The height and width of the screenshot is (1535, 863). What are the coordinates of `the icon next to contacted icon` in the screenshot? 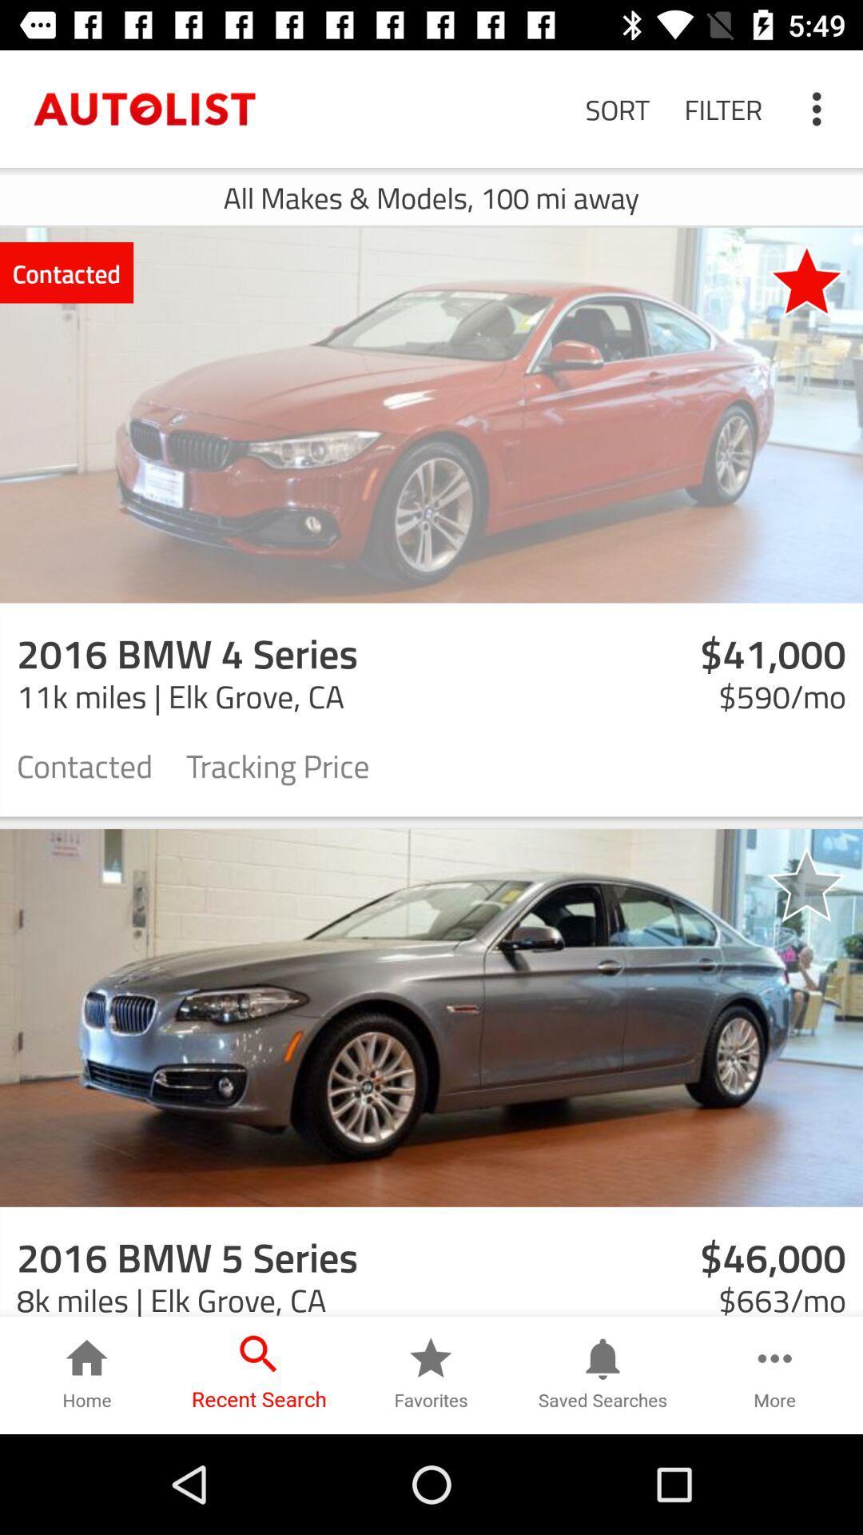 It's located at (276, 764).